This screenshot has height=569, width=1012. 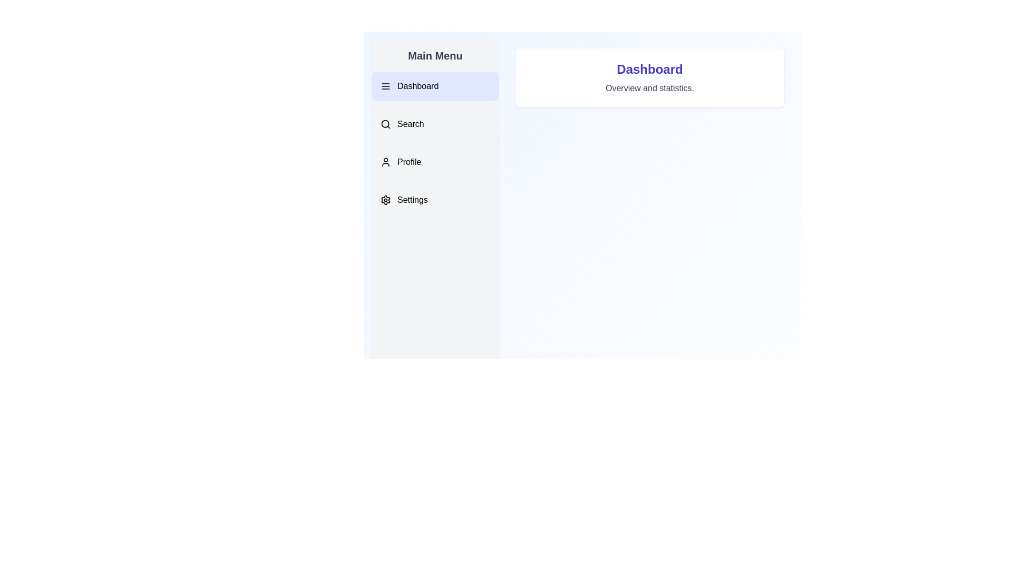 What do you see at coordinates (435, 200) in the screenshot?
I see `the menu item Settings to highlight it` at bounding box center [435, 200].